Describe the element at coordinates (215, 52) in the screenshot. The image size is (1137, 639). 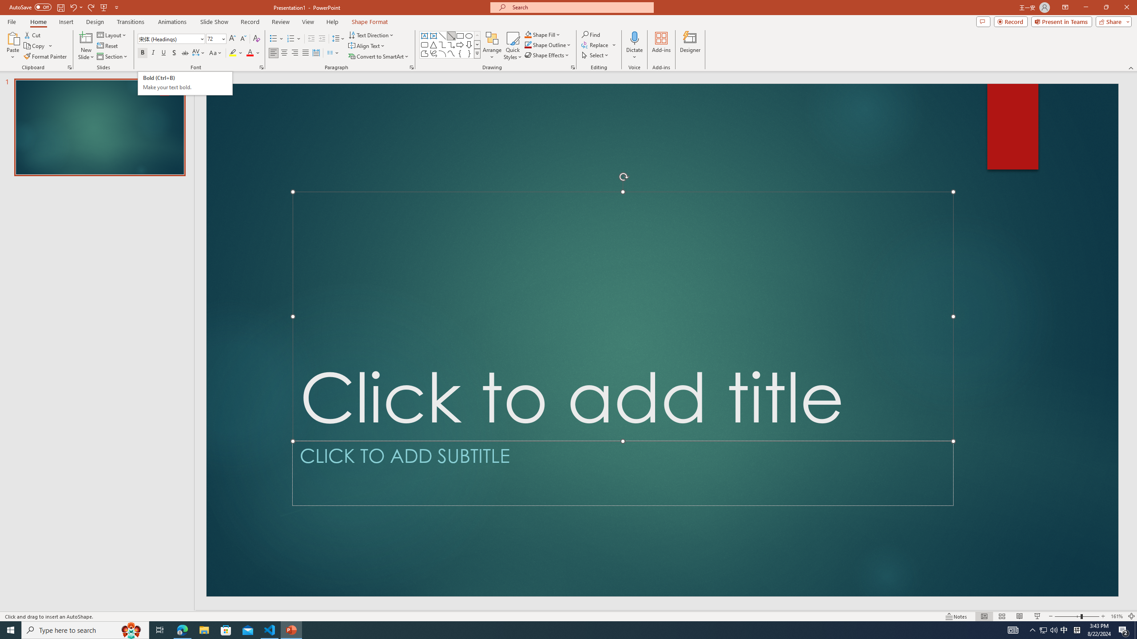
I see `'Change Case'` at that location.